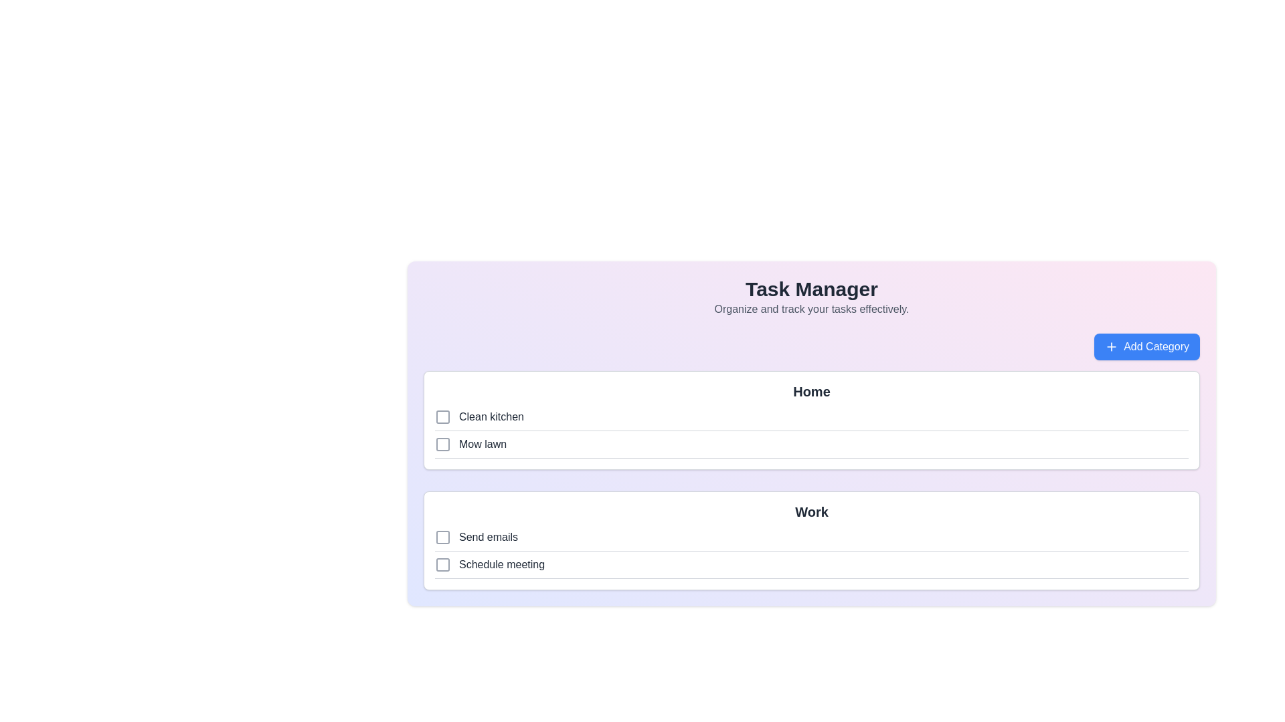 This screenshot has width=1285, height=722. What do you see at coordinates (443, 536) in the screenshot?
I see `the rounded grayscale checkbox located to the left of the 'Send emails' text in the Work section` at bounding box center [443, 536].